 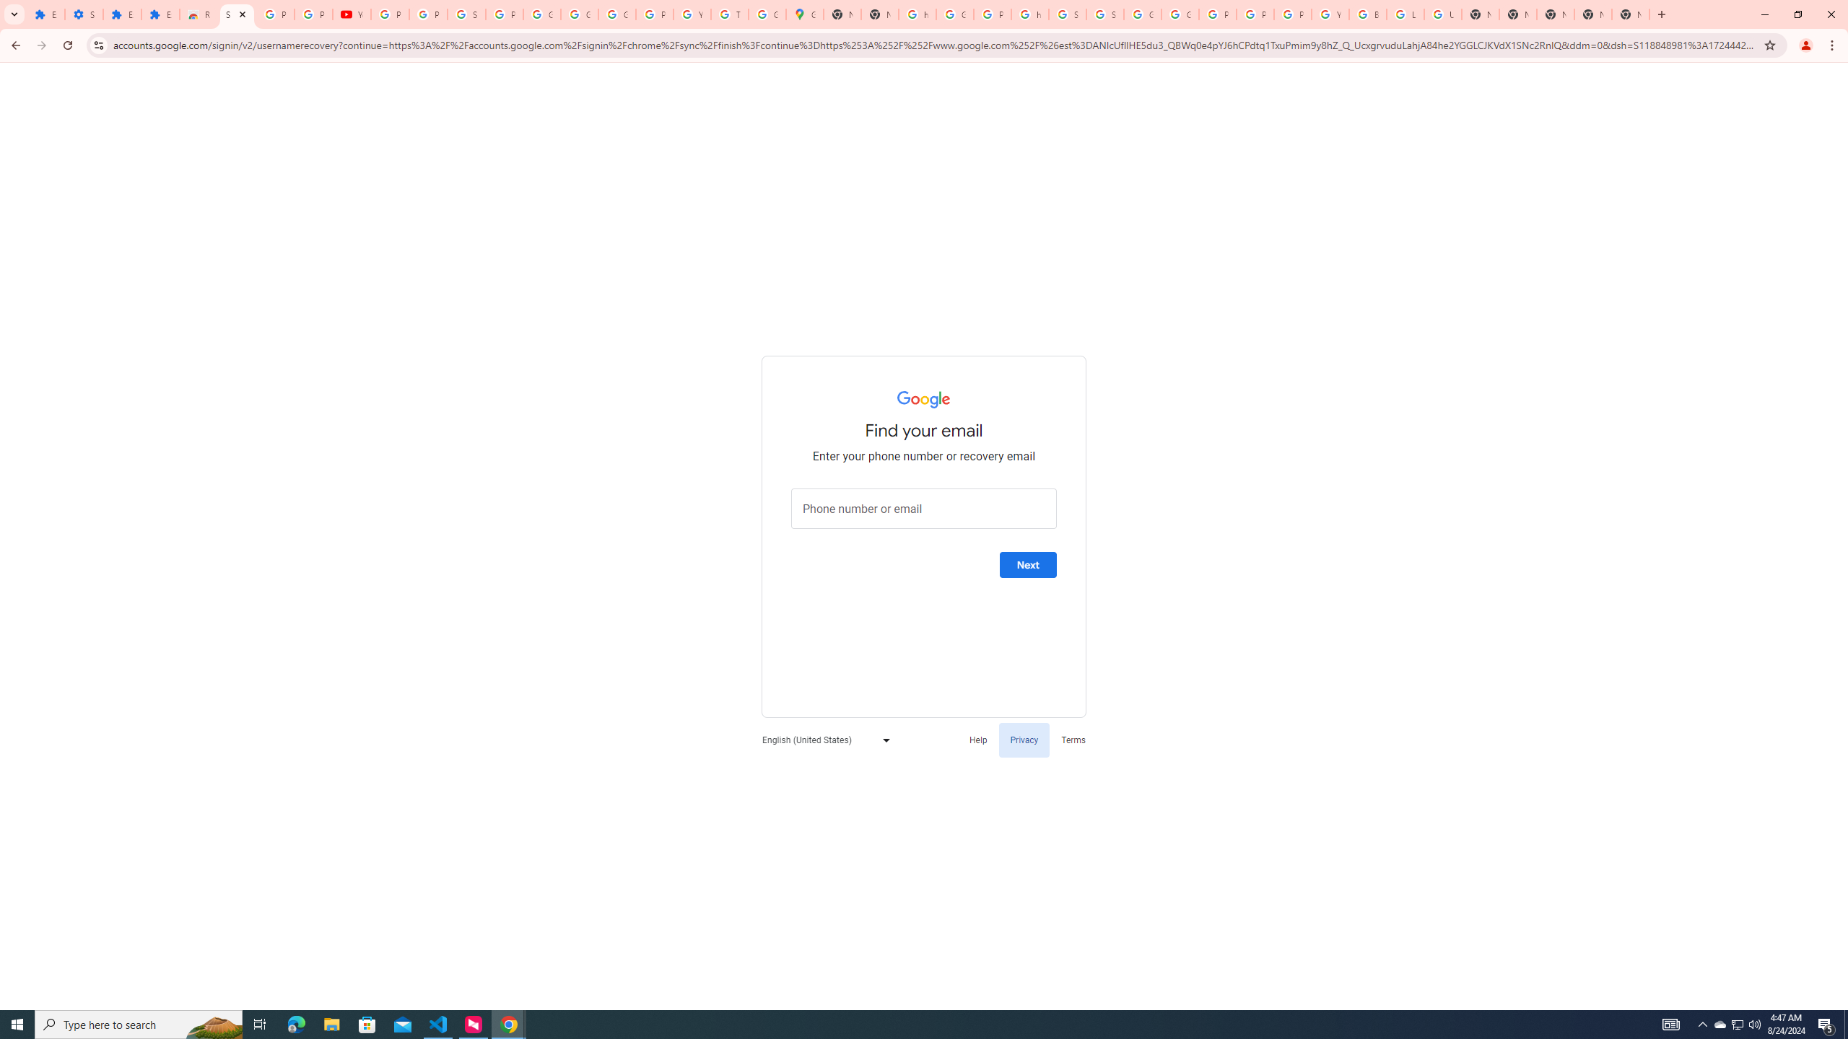 I want to click on 'https://scholar.google.com/', so click(x=918, y=14).